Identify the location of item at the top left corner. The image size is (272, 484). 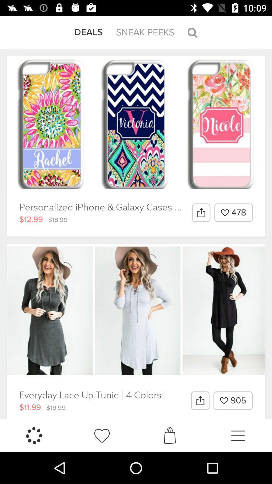
(88, 32).